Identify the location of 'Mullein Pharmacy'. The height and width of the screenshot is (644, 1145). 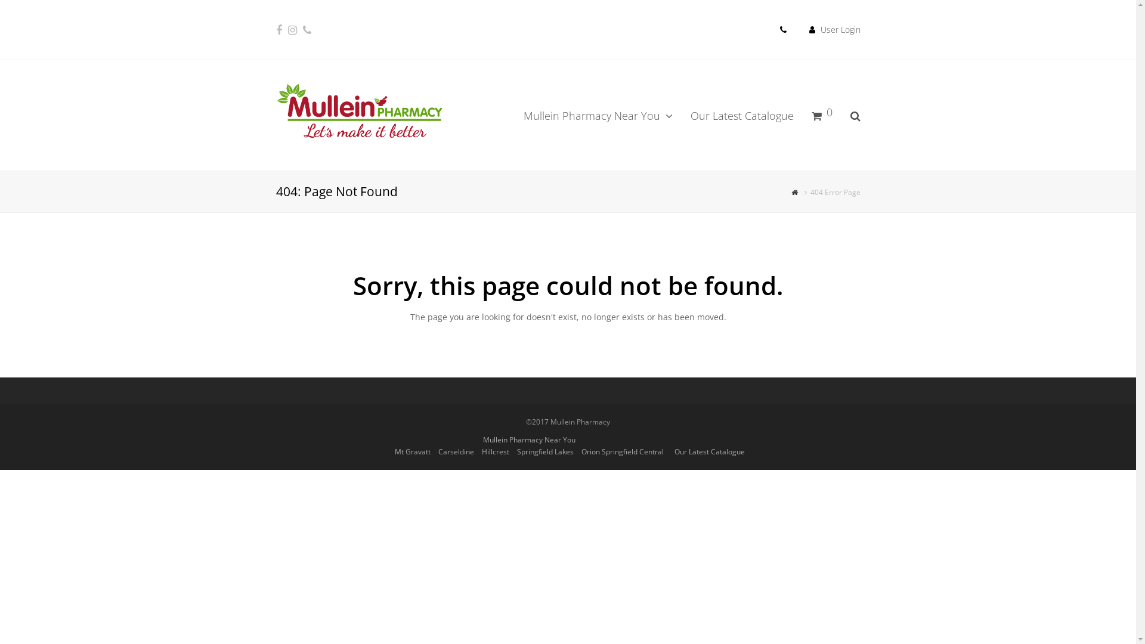
(358, 113).